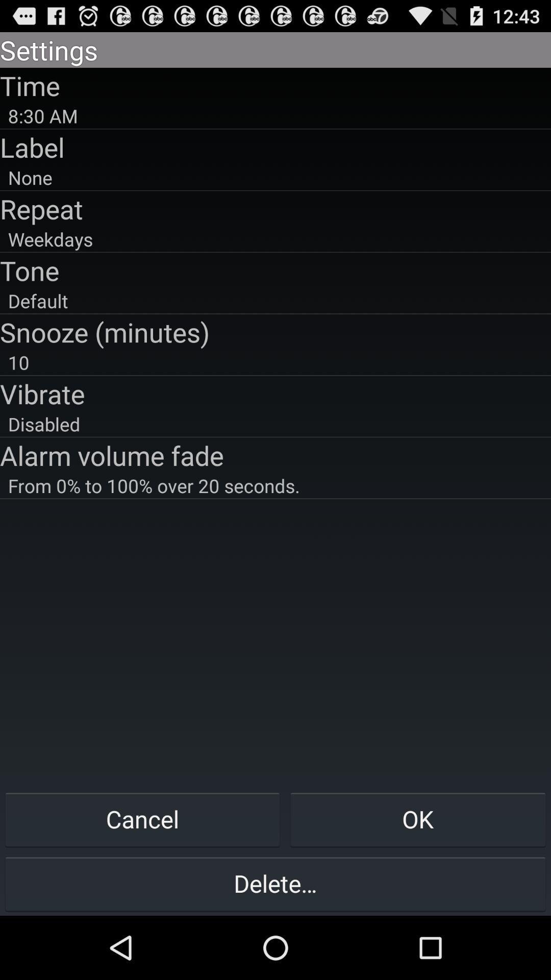  Describe the element at coordinates (275, 146) in the screenshot. I see `label` at that location.